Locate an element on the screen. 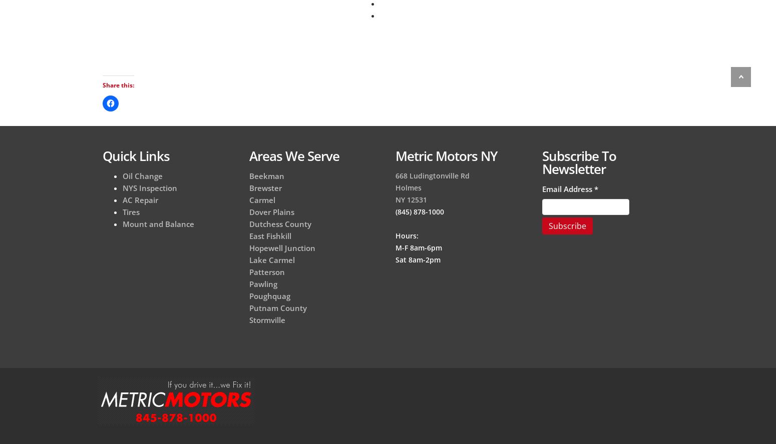 This screenshot has height=444, width=776. 'Brewster' is located at coordinates (264, 187).